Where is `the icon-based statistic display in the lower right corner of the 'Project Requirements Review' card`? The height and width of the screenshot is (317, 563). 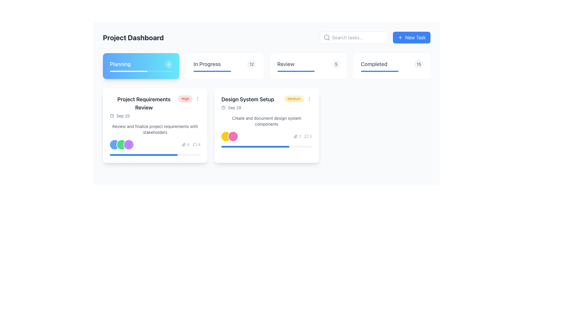 the icon-based statistic display in the lower right corner of the 'Project Requirements Review' card is located at coordinates (191, 145).